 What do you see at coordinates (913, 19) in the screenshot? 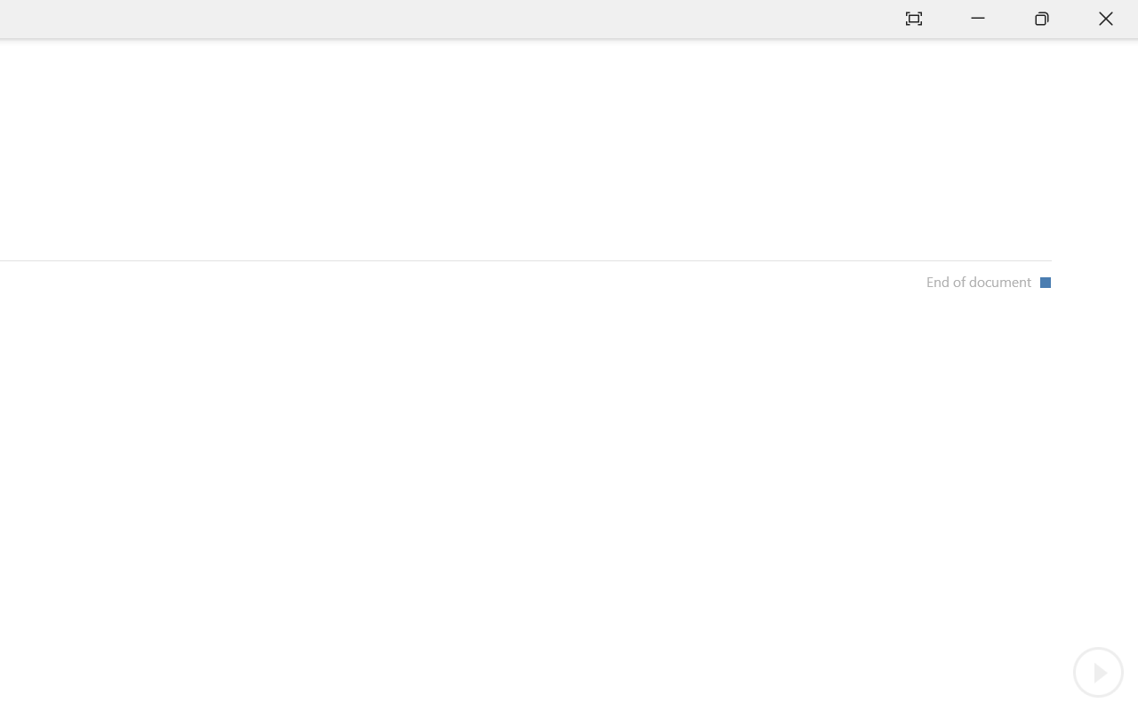
I see `'Auto-hide Reading Toolbar'` at bounding box center [913, 19].